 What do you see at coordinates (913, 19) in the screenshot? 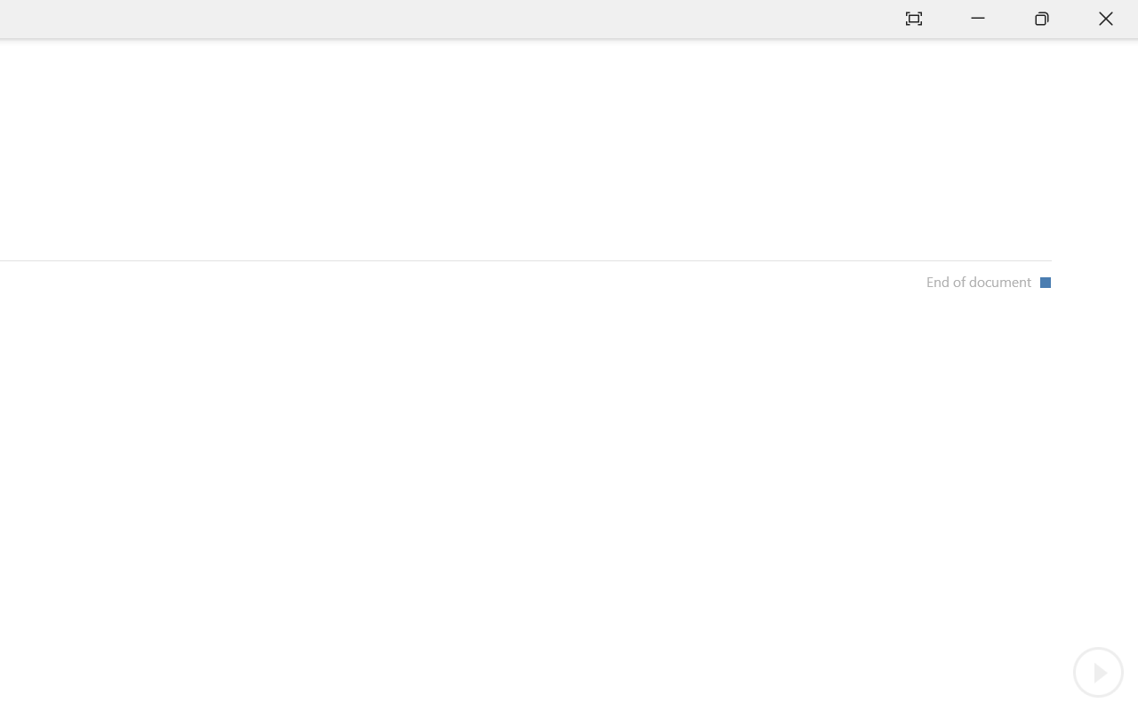
I see `'Auto-hide Reading Toolbar'` at bounding box center [913, 19].